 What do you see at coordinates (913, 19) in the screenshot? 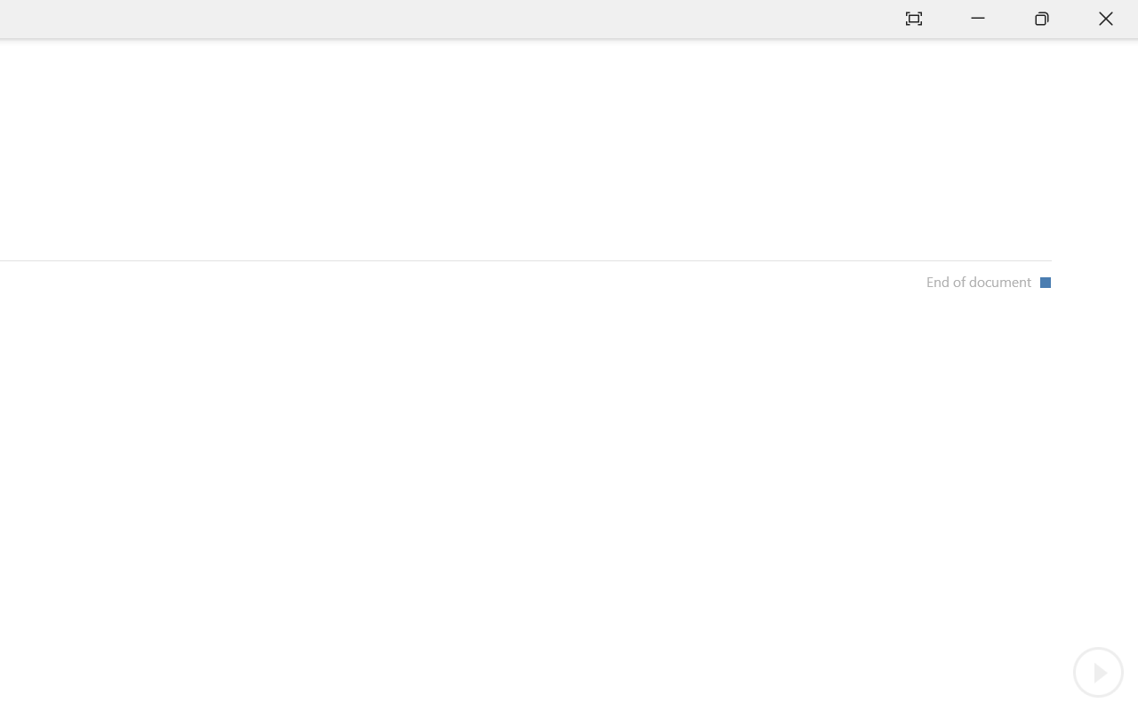
I see `'Auto-hide Reading Toolbar'` at bounding box center [913, 19].